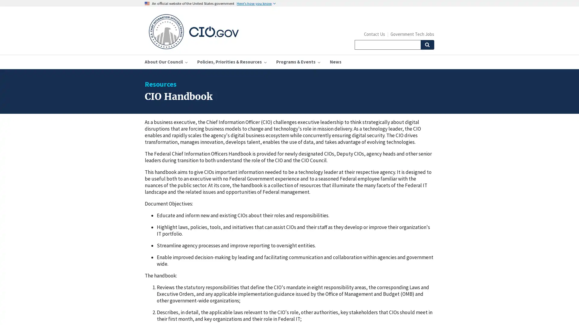 This screenshot has height=325, width=579. Describe the element at coordinates (166, 62) in the screenshot. I see `About Our Council` at that location.